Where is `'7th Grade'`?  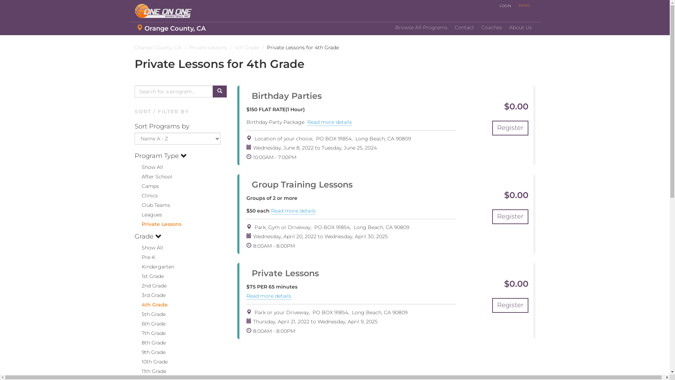 '7th Grade' is located at coordinates (149, 333).